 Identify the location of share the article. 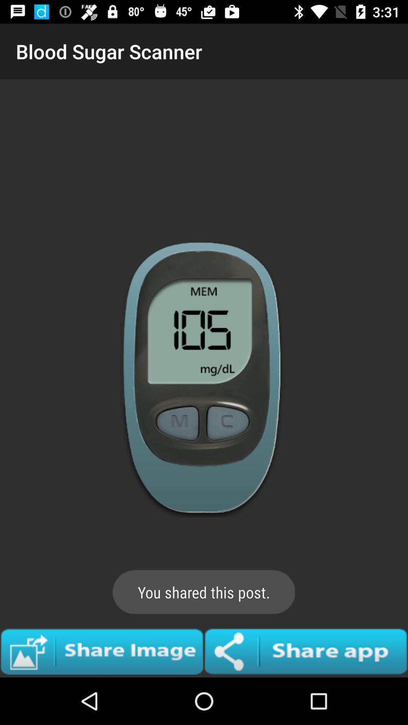
(102, 651).